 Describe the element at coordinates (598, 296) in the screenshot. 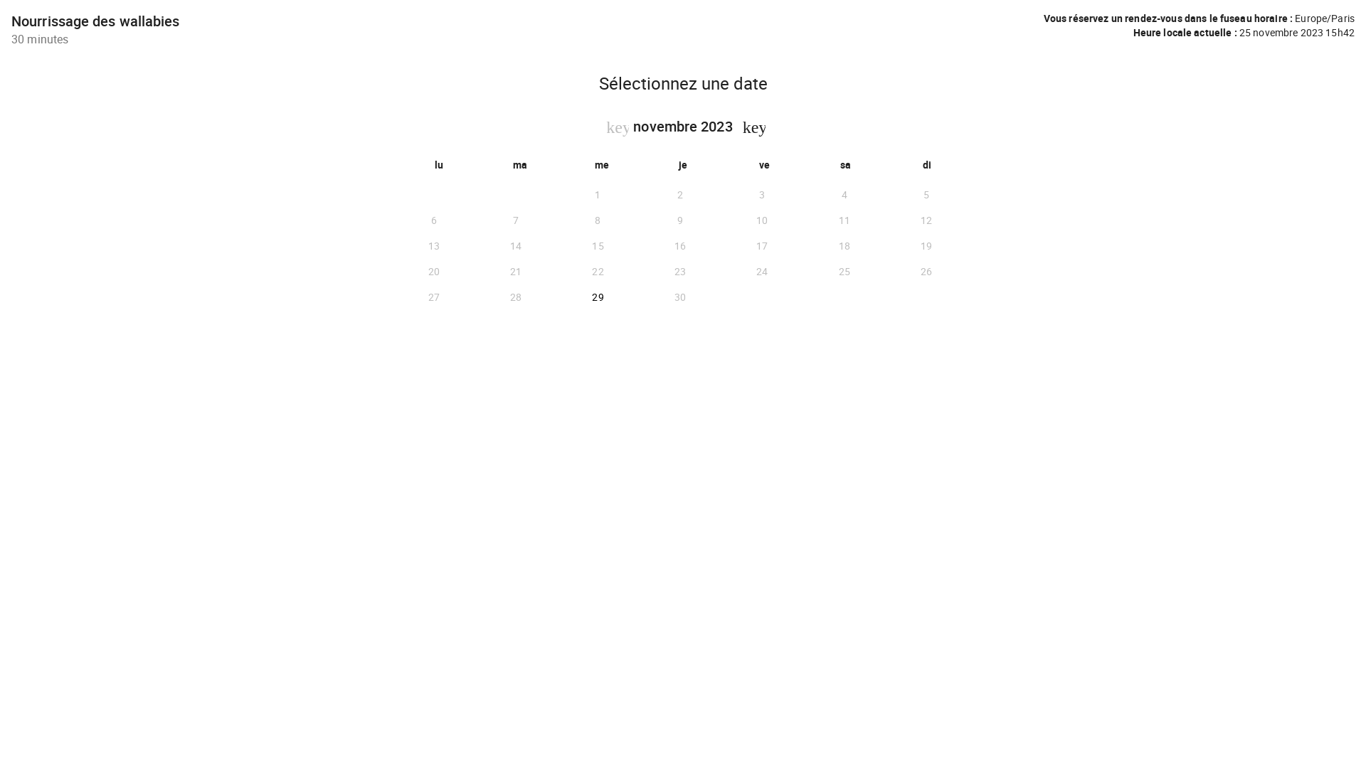

I see `'29` at that location.